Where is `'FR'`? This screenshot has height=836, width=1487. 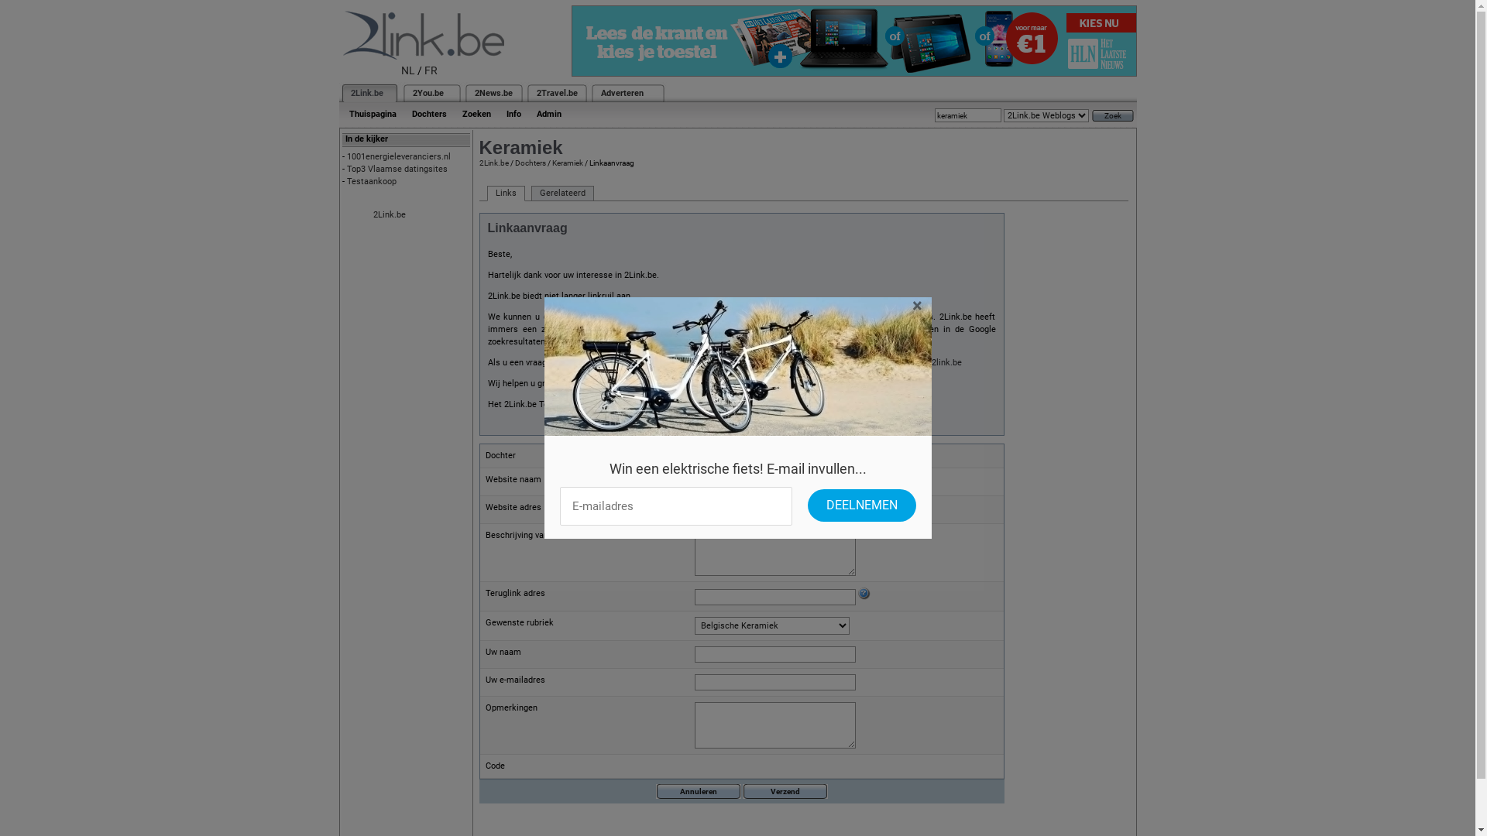
'FR' is located at coordinates (431, 70).